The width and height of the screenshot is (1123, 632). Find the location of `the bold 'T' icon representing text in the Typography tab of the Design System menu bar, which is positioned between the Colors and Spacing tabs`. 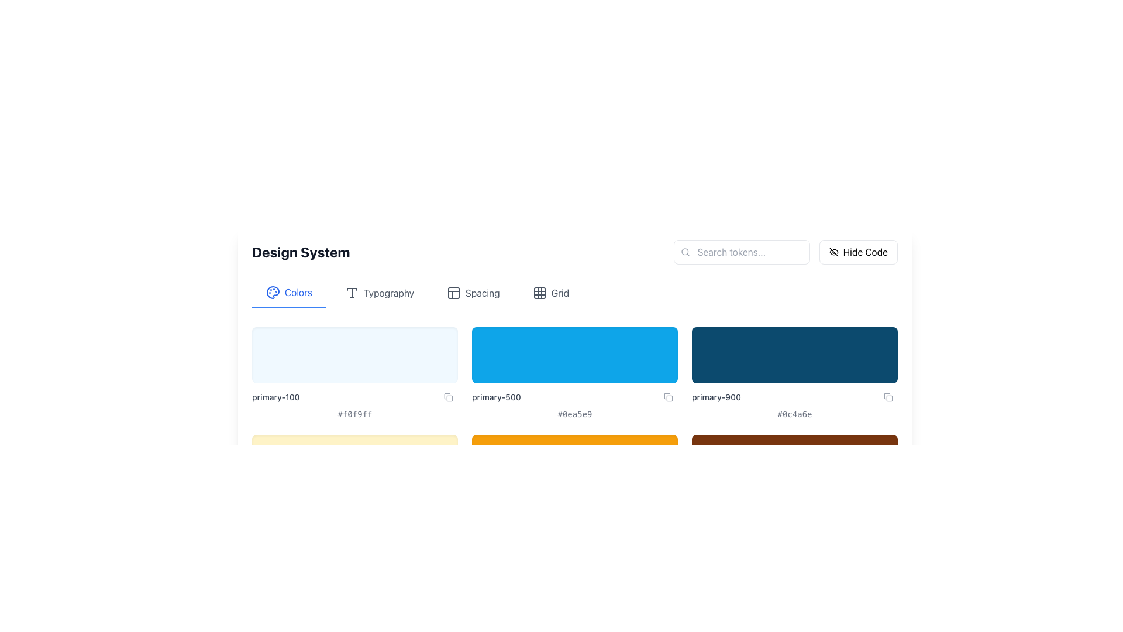

the bold 'T' icon representing text in the Typography tab of the Design System menu bar, which is positioned between the Colors and Spacing tabs is located at coordinates (351, 293).